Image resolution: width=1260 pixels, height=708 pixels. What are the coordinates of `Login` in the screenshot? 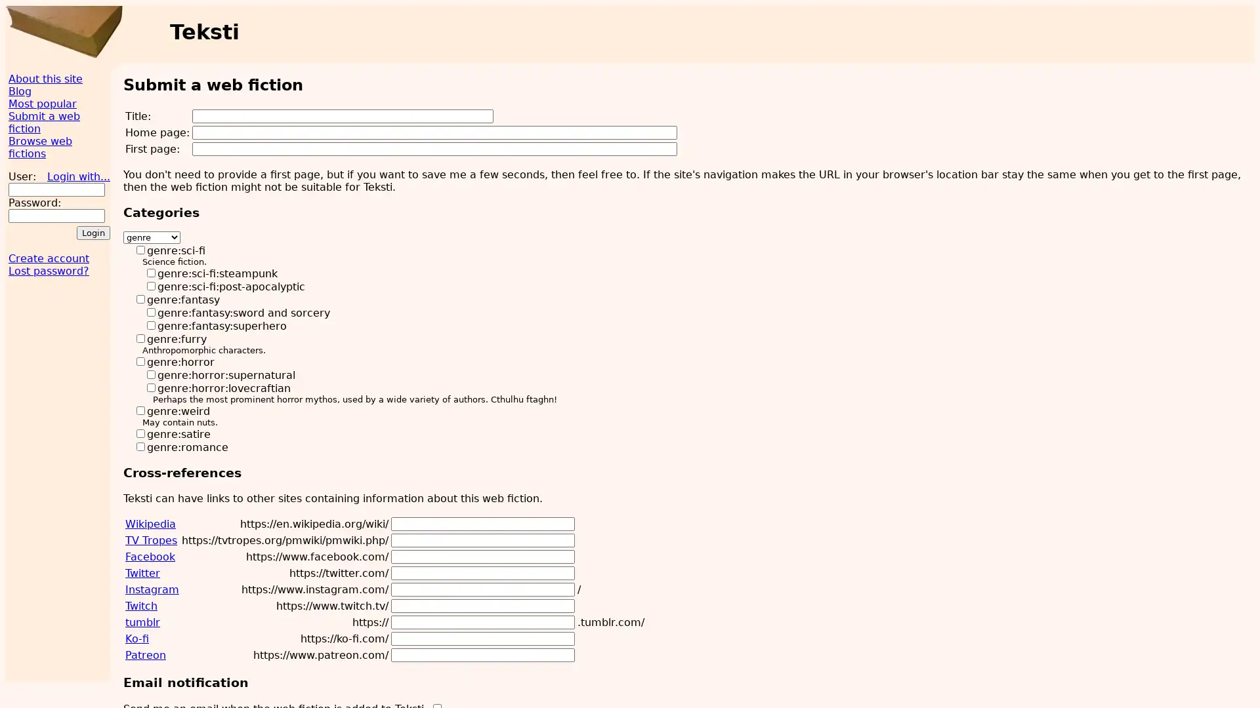 It's located at (93, 232).